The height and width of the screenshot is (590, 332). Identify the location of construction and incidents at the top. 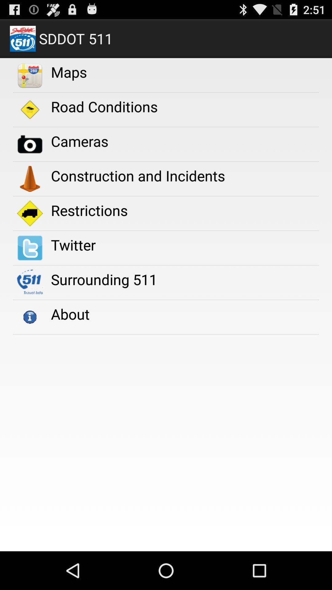
(137, 175).